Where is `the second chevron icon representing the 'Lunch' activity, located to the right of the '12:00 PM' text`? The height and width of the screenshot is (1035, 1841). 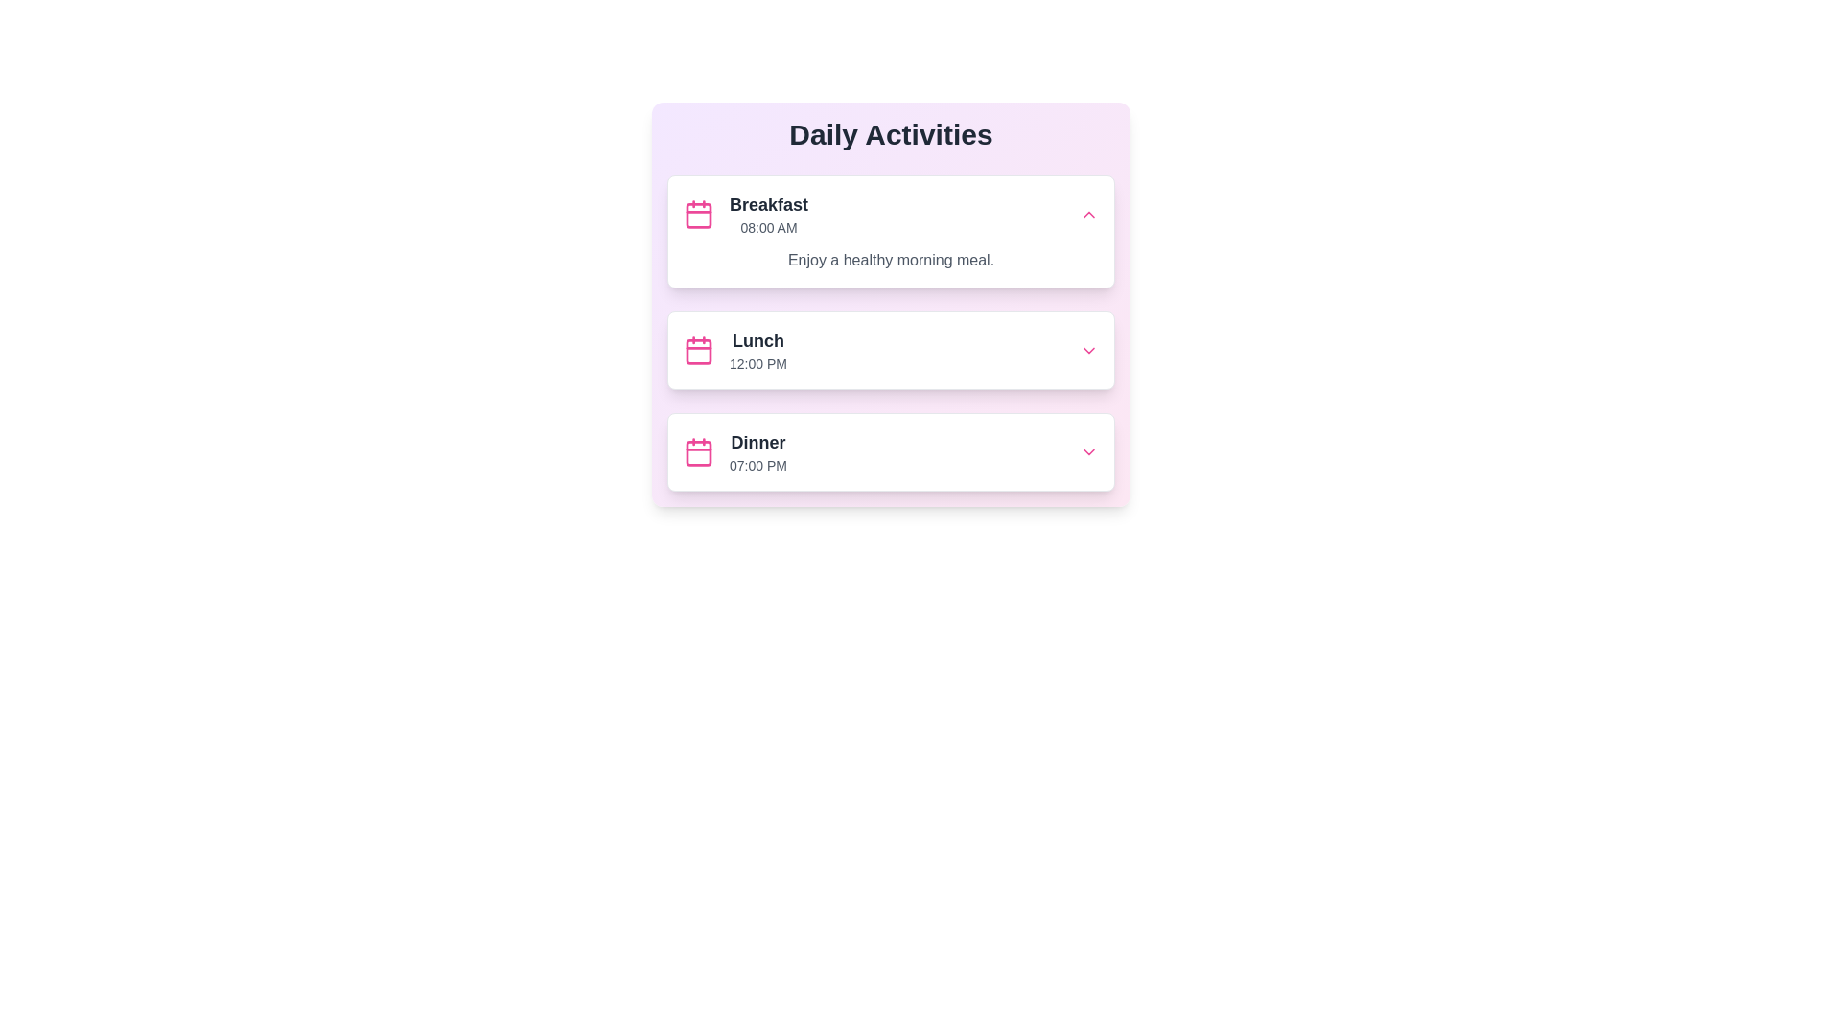
the second chevron icon representing the 'Lunch' activity, located to the right of the '12:00 PM' text is located at coordinates (1089, 351).